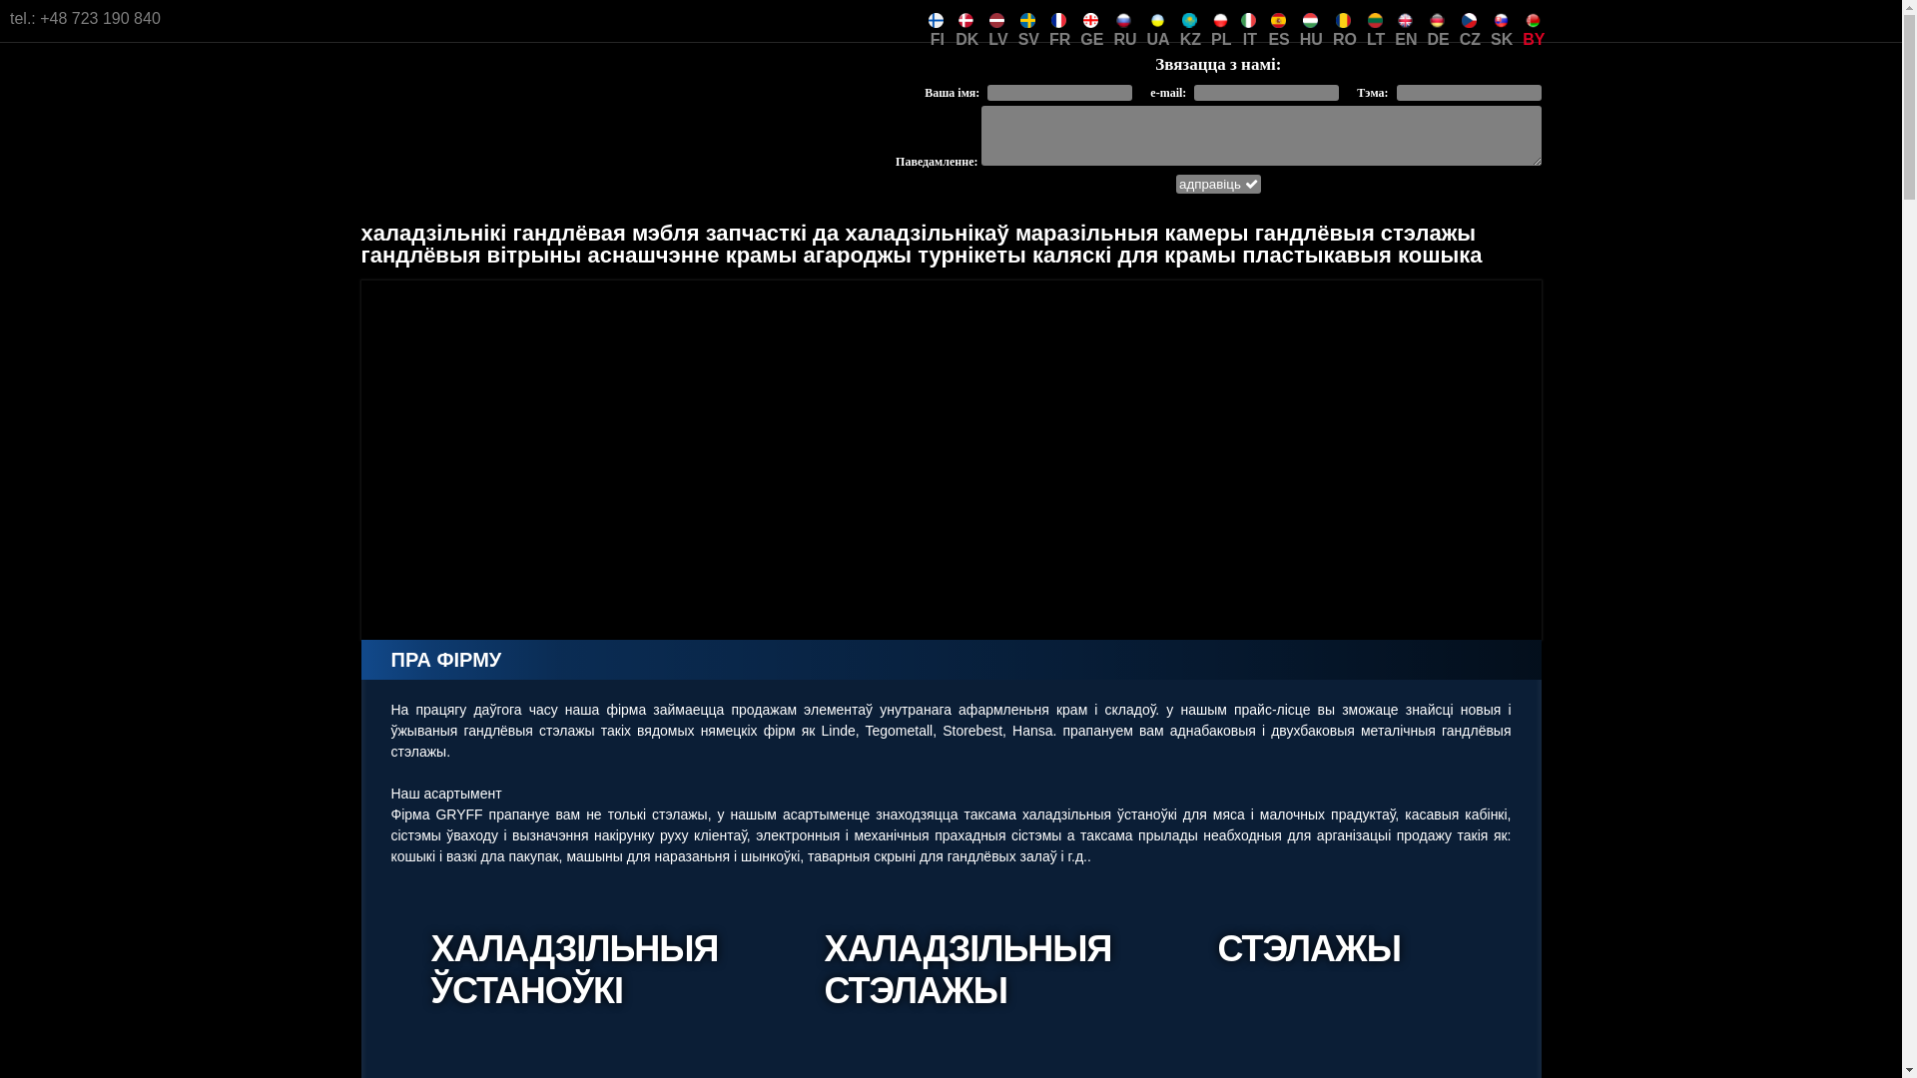 Image resolution: width=1917 pixels, height=1078 pixels. I want to click on 'SV', so click(1017, 19).